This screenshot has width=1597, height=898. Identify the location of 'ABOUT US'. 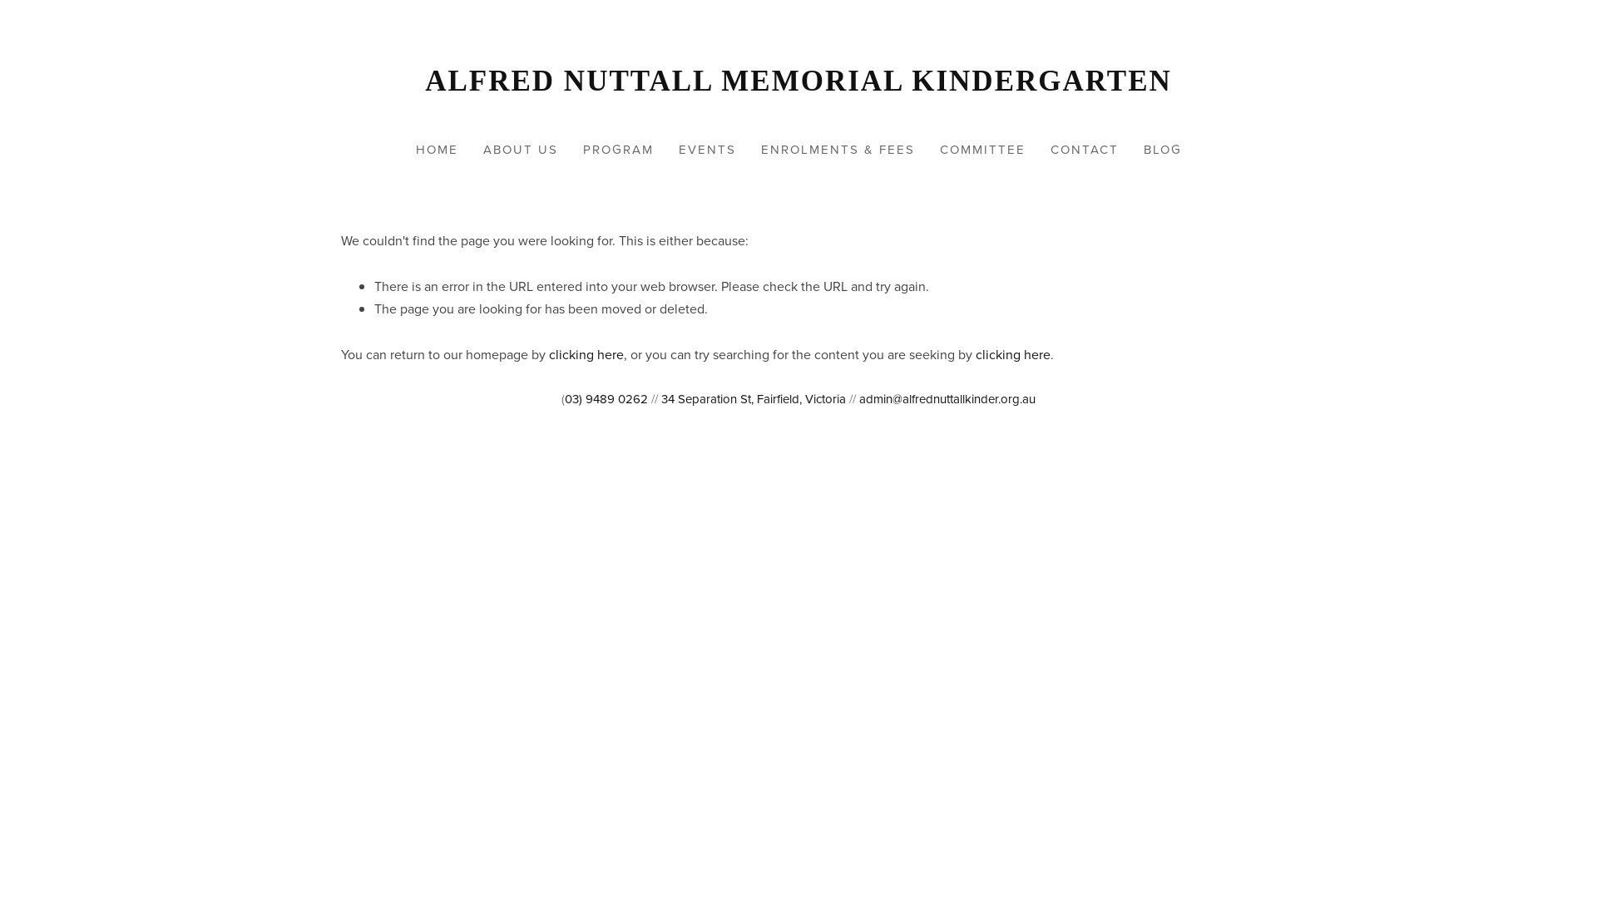
(518, 150).